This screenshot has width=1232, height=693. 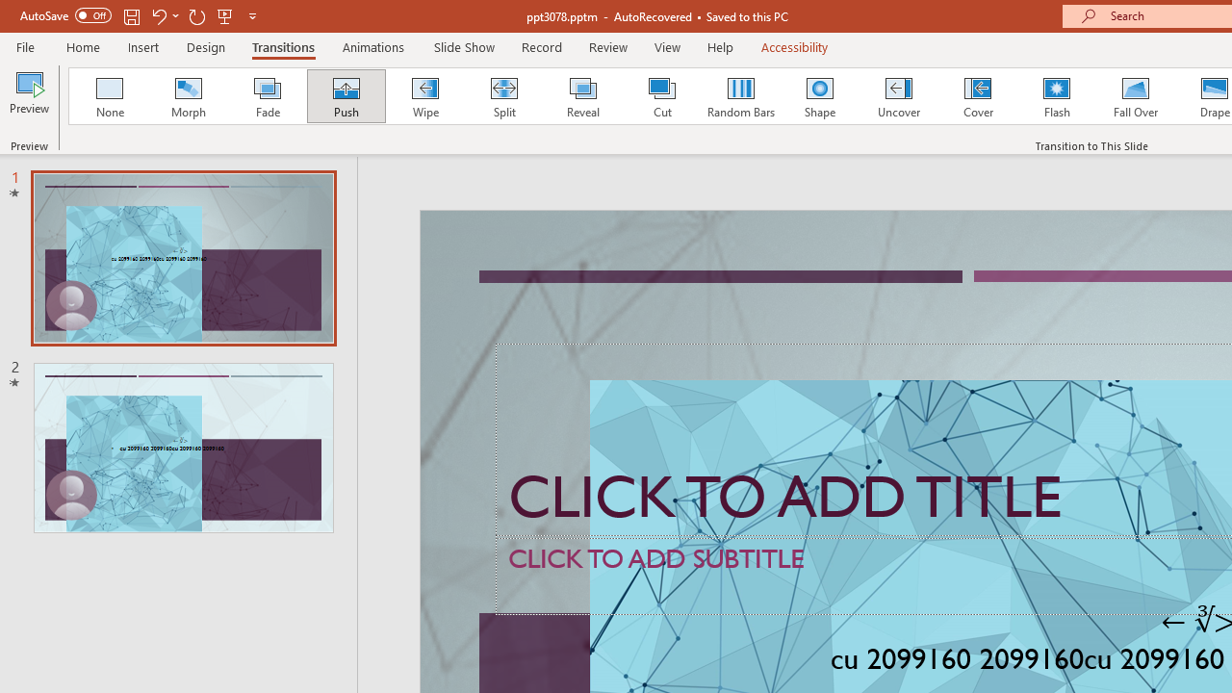 I want to click on 'Push', so click(x=346, y=96).